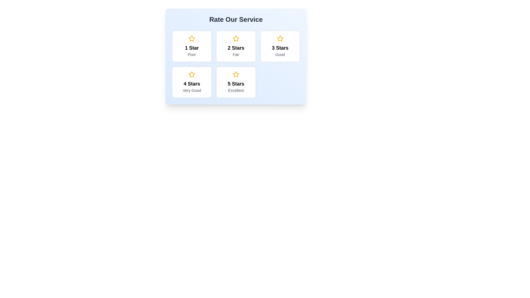 Image resolution: width=530 pixels, height=298 pixels. What do you see at coordinates (192, 82) in the screenshot?
I see `on the selectable card displaying '4 Stars' with a yellow star icon and bold black text, located in the second row of the grid layout` at bounding box center [192, 82].